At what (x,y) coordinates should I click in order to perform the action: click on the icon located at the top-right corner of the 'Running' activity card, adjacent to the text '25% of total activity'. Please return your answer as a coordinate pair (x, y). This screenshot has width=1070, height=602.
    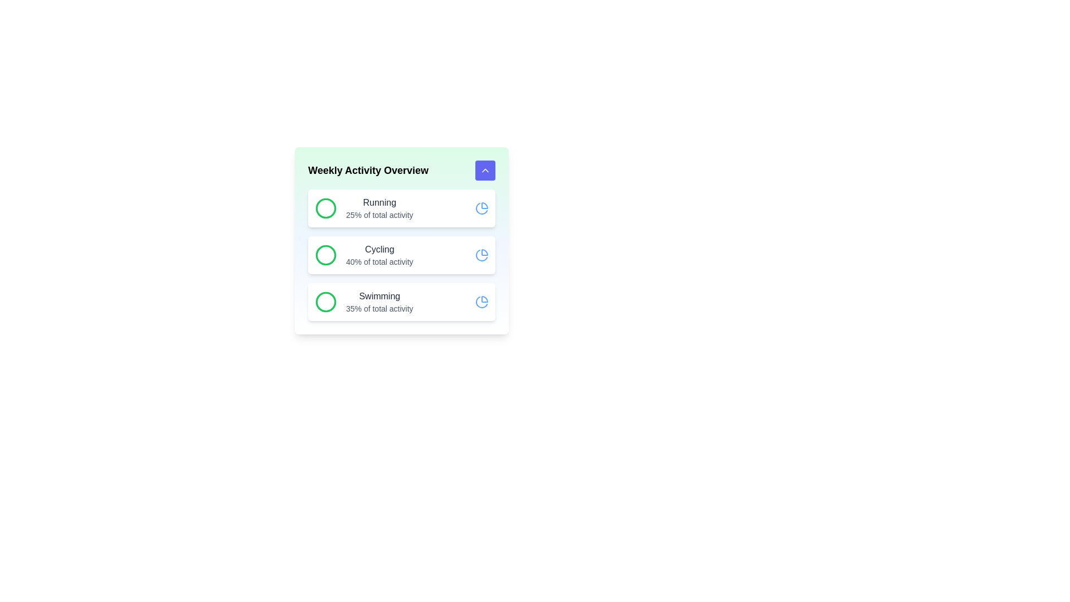
    Looking at the image, I should click on (481, 208).